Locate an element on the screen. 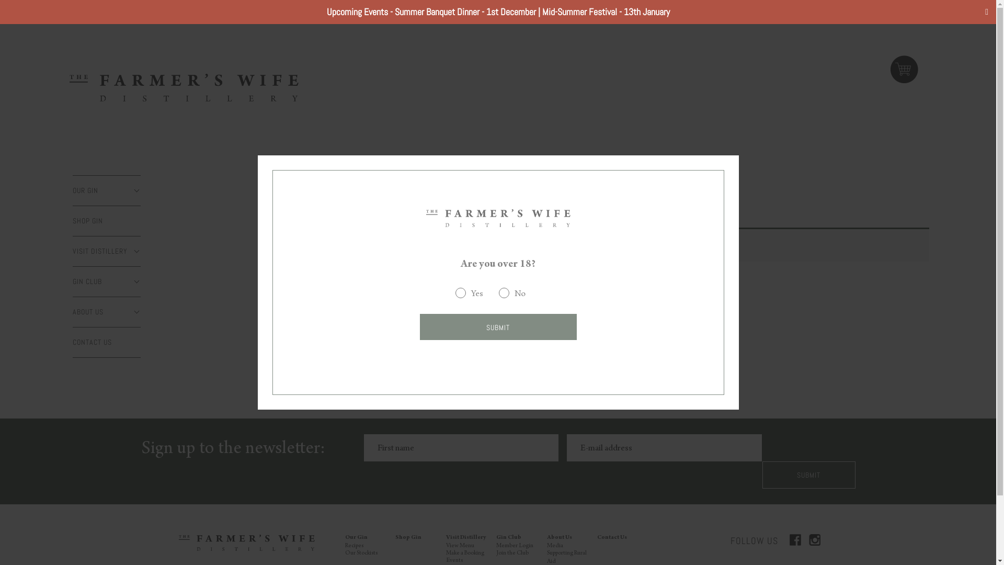 The image size is (1004, 565). 'CLOSE' is located at coordinates (132, 281).